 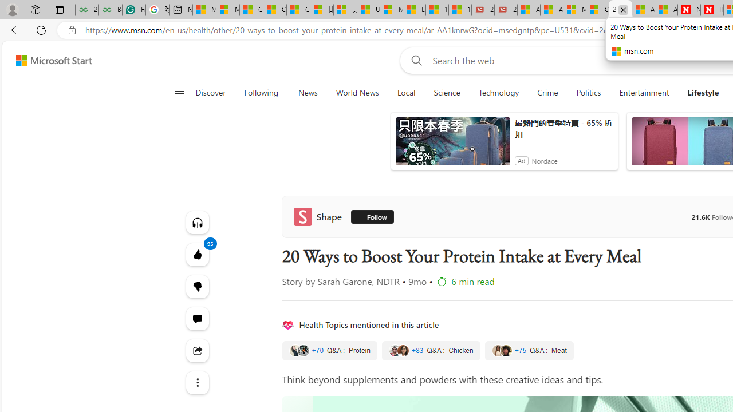 I want to click on 'Class: button-glyph', so click(x=179, y=93).